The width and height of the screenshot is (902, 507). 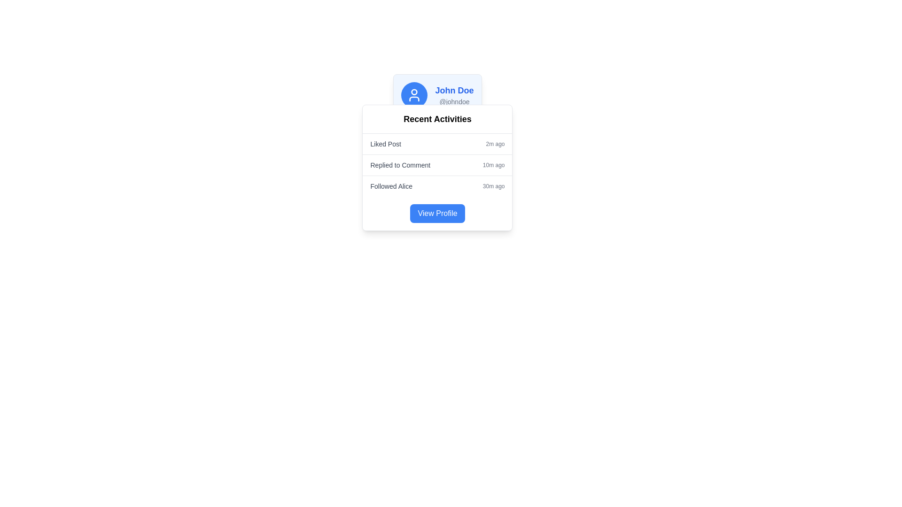 I want to click on the user icon, which is styled in white on a circular blue background, located above the section titled 'John Doe', so click(x=414, y=95).